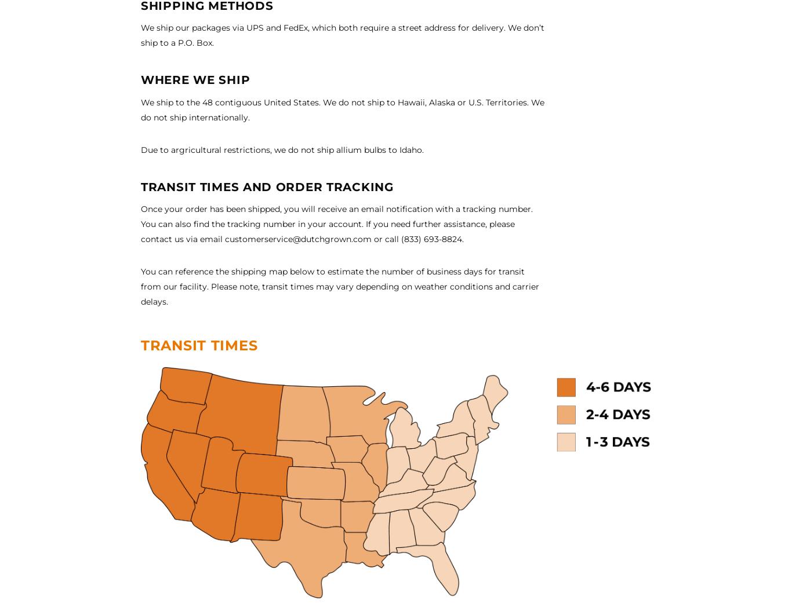 This screenshot has width=792, height=615. I want to click on 'delays.', so click(154, 301).